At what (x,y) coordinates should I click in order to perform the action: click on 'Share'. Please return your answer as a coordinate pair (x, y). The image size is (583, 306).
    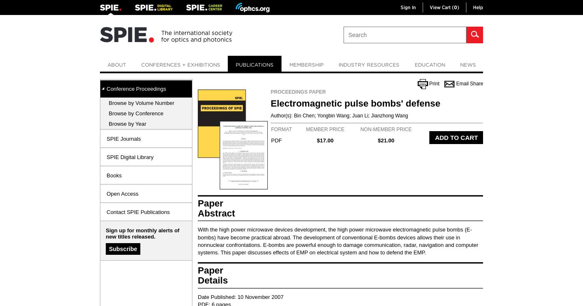
    Looking at the image, I should click on (476, 84).